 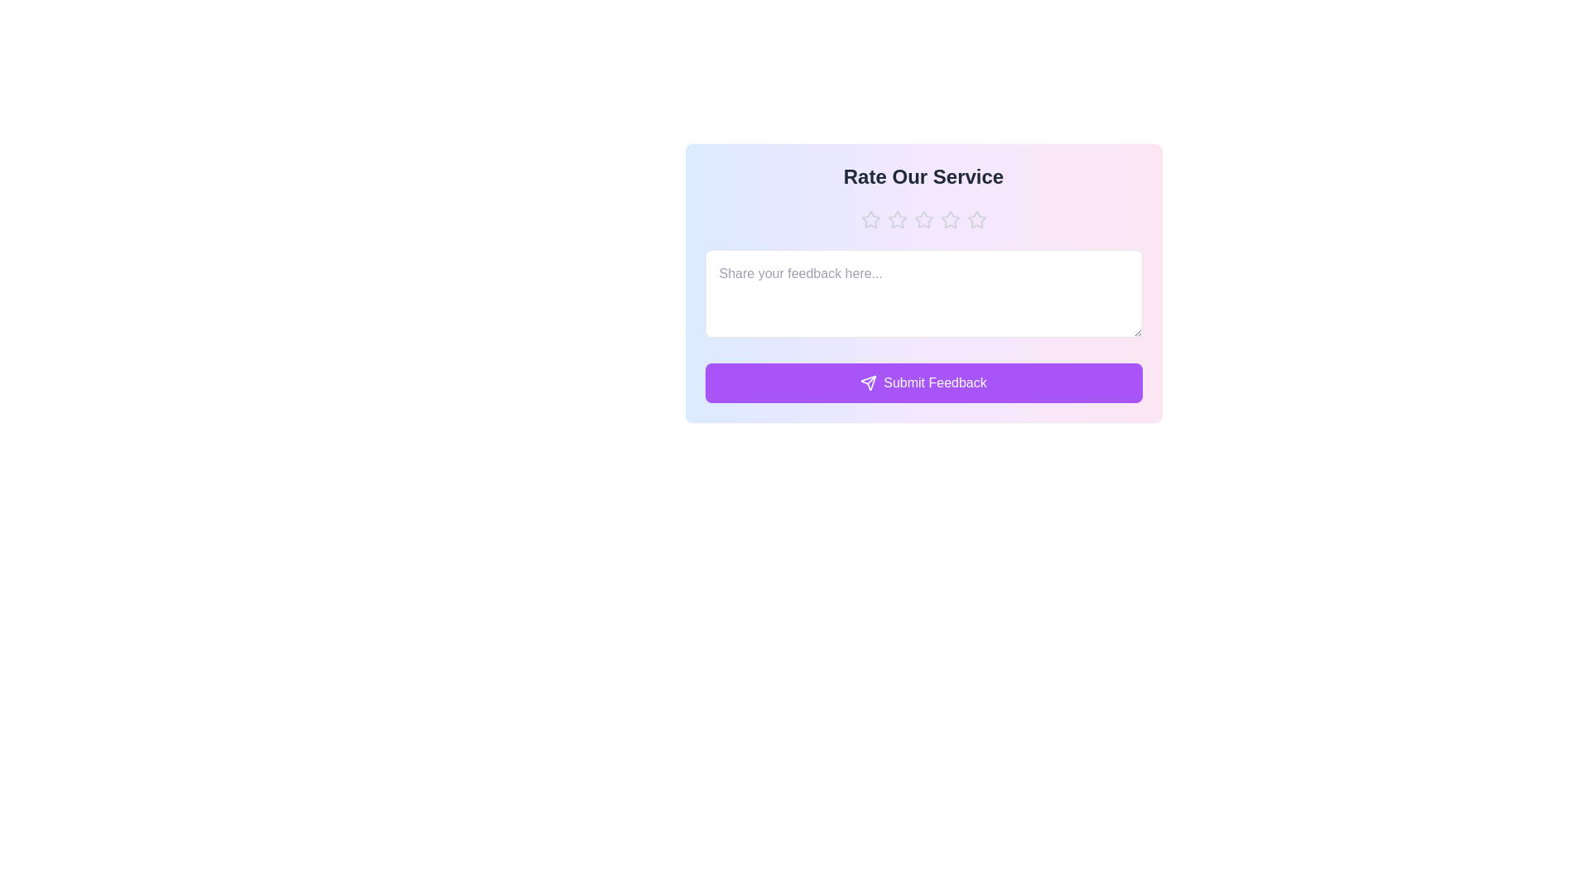 What do you see at coordinates (923, 382) in the screenshot?
I see `'Submit Feedback' button to submit the feedback` at bounding box center [923, 382].